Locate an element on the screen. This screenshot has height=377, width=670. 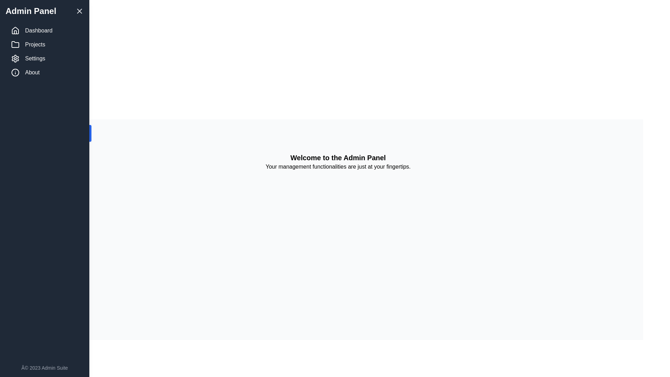
the folder icon located as the second icon from the top in the left sidebar navigation menu is located at coordinates (15, 44).